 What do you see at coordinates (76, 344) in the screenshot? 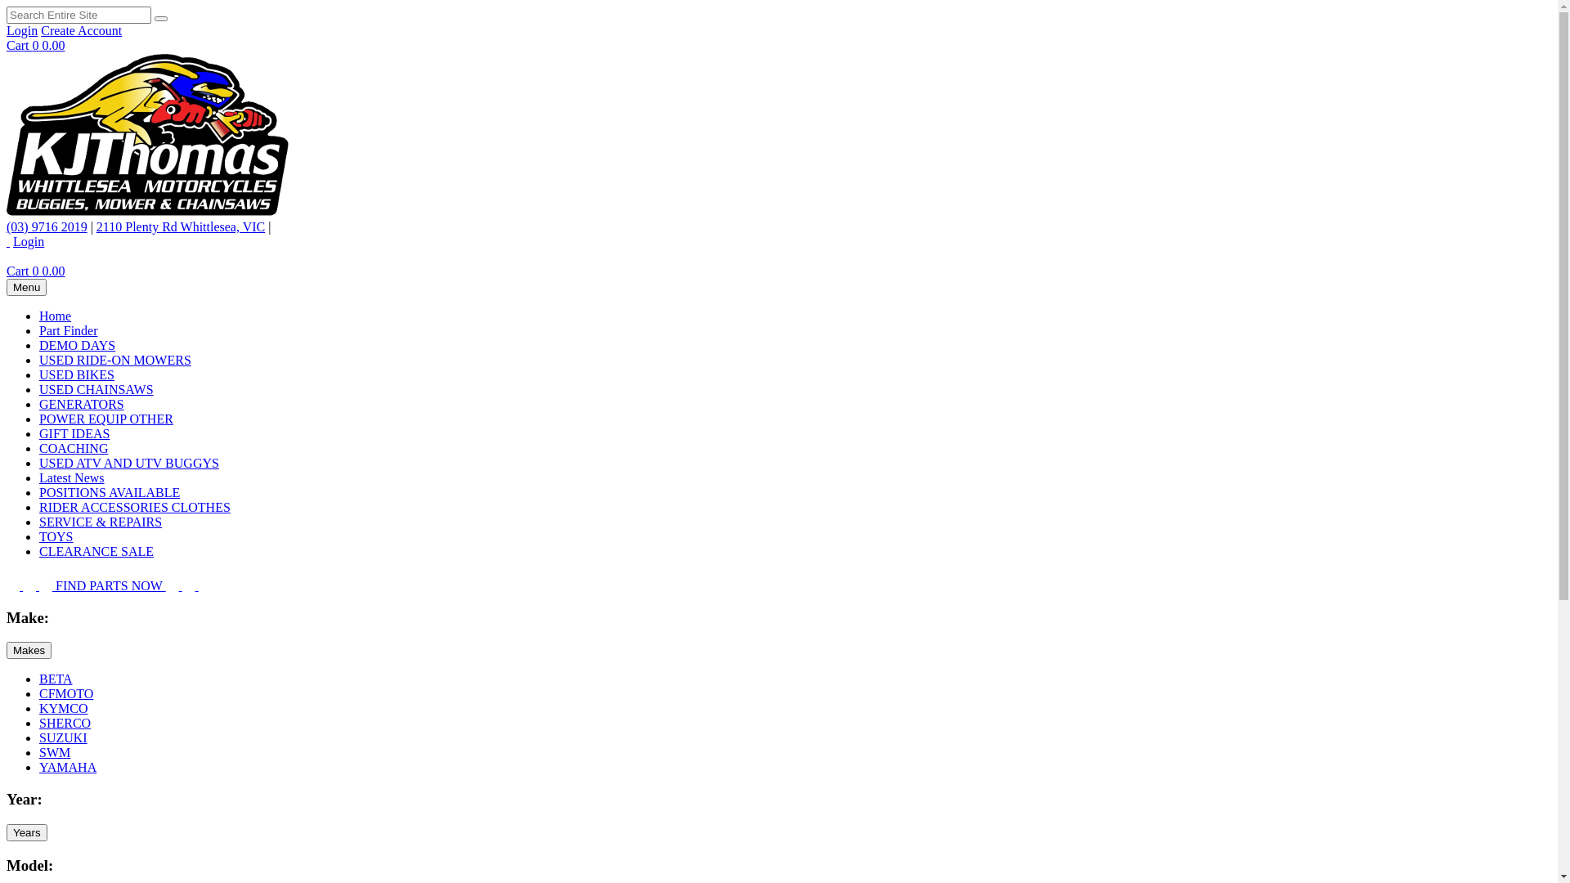
I see `'DEMO DAYS'` at bounding box center [76, 344].